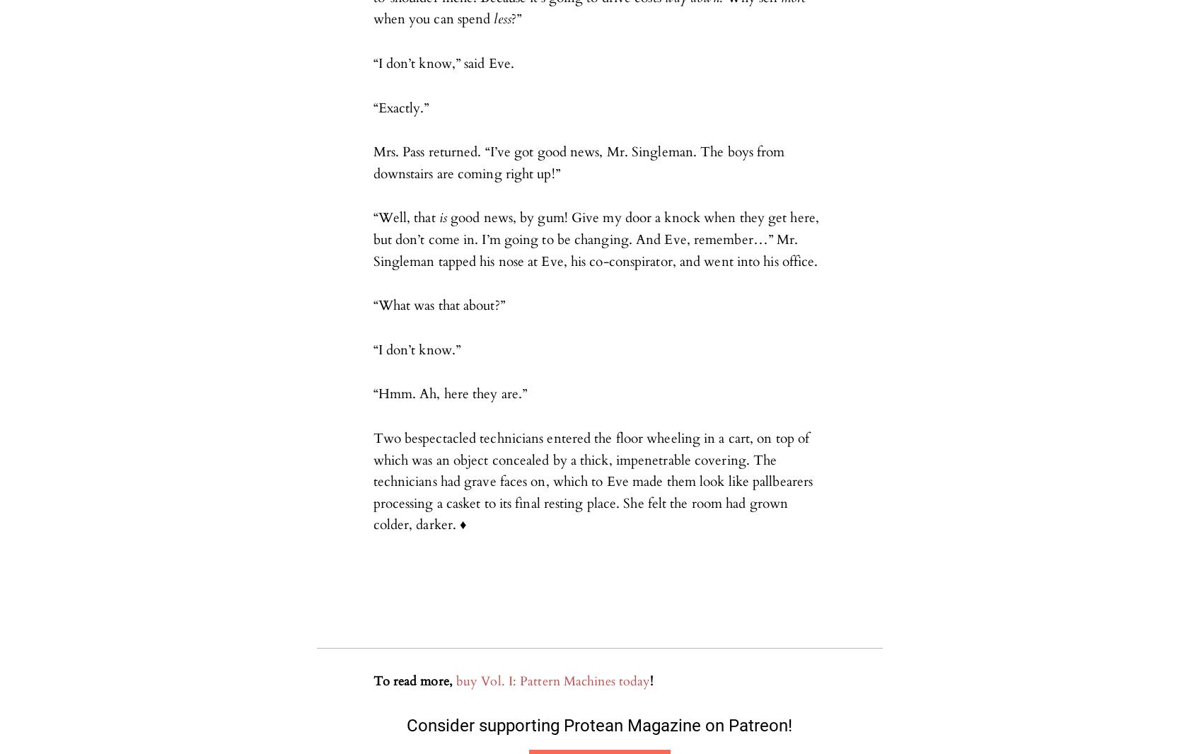 This screenshot has width=1199, height=754. I want to click on '!', so click(651, 681).